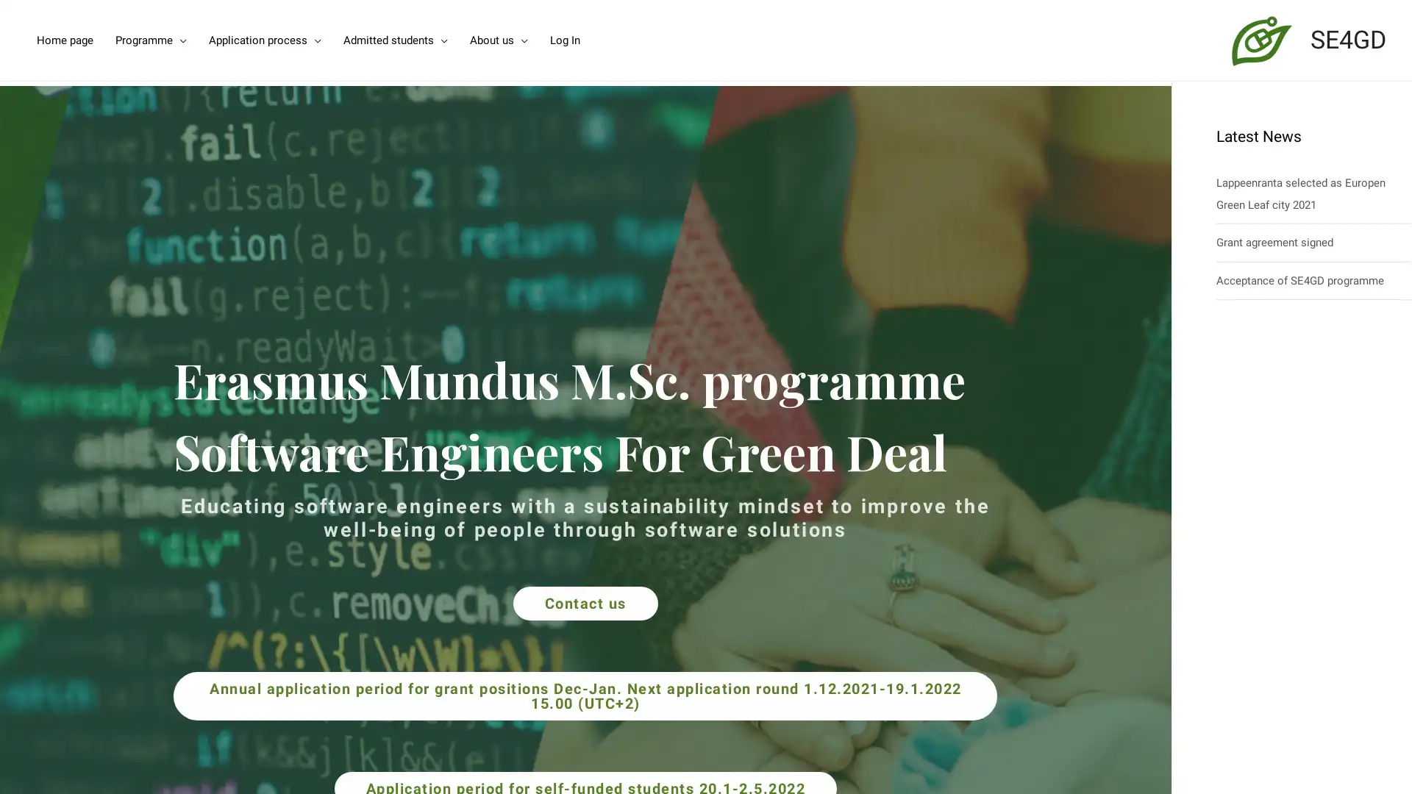 Image resolution: width=1412 pixels, height=794 pixels. I want to click on Contact us, so click(584, 603).